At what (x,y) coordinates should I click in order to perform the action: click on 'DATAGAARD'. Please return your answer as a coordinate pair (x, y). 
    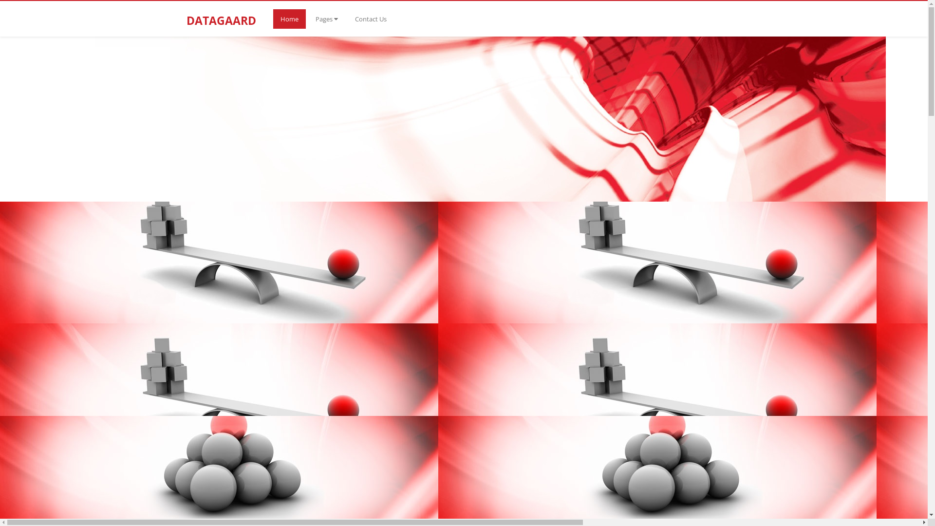
    Looking at the image, I should click on (225, 13).